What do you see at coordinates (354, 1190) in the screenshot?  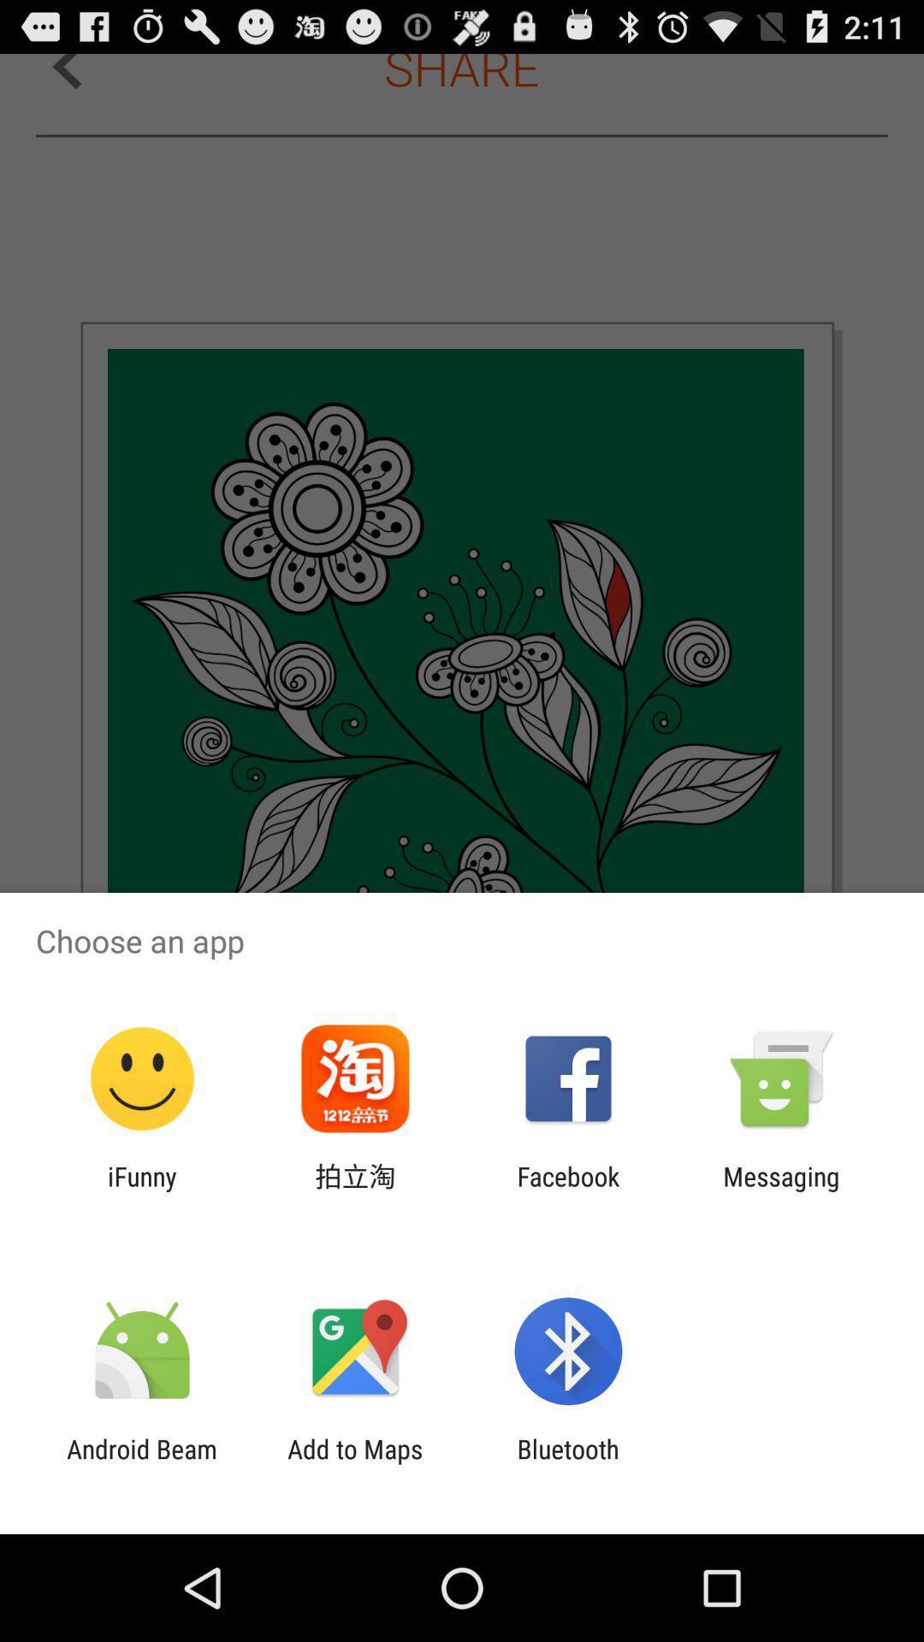 I see `app next to facebook icon` at bounding box center [354, 1190].